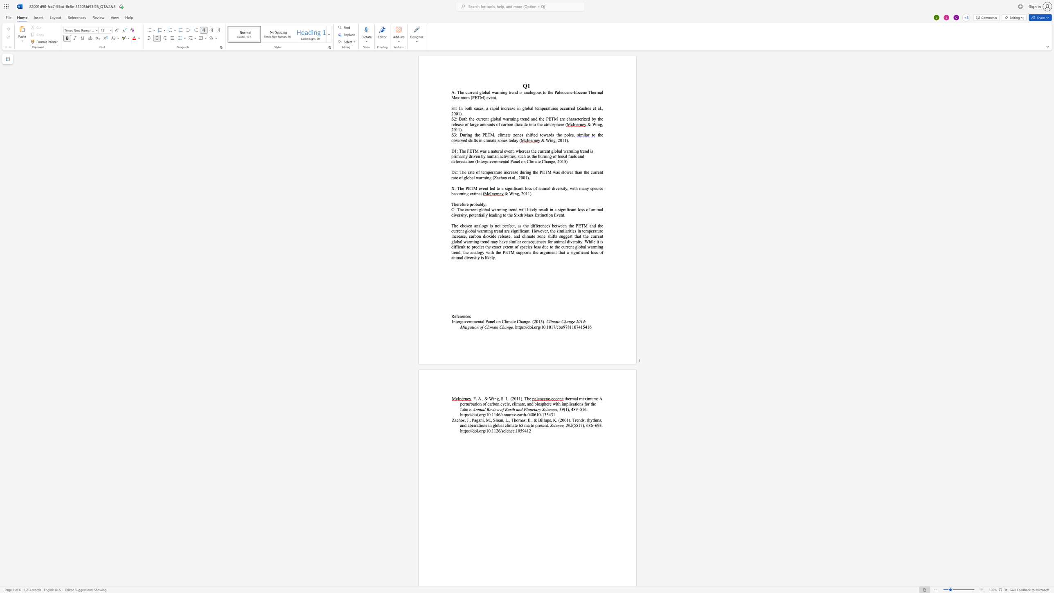 The image size is (1054, 593). Describe the element at coordinates (475, 92) in the screenshot. I see `the 1th character "n" in the text` at that location.